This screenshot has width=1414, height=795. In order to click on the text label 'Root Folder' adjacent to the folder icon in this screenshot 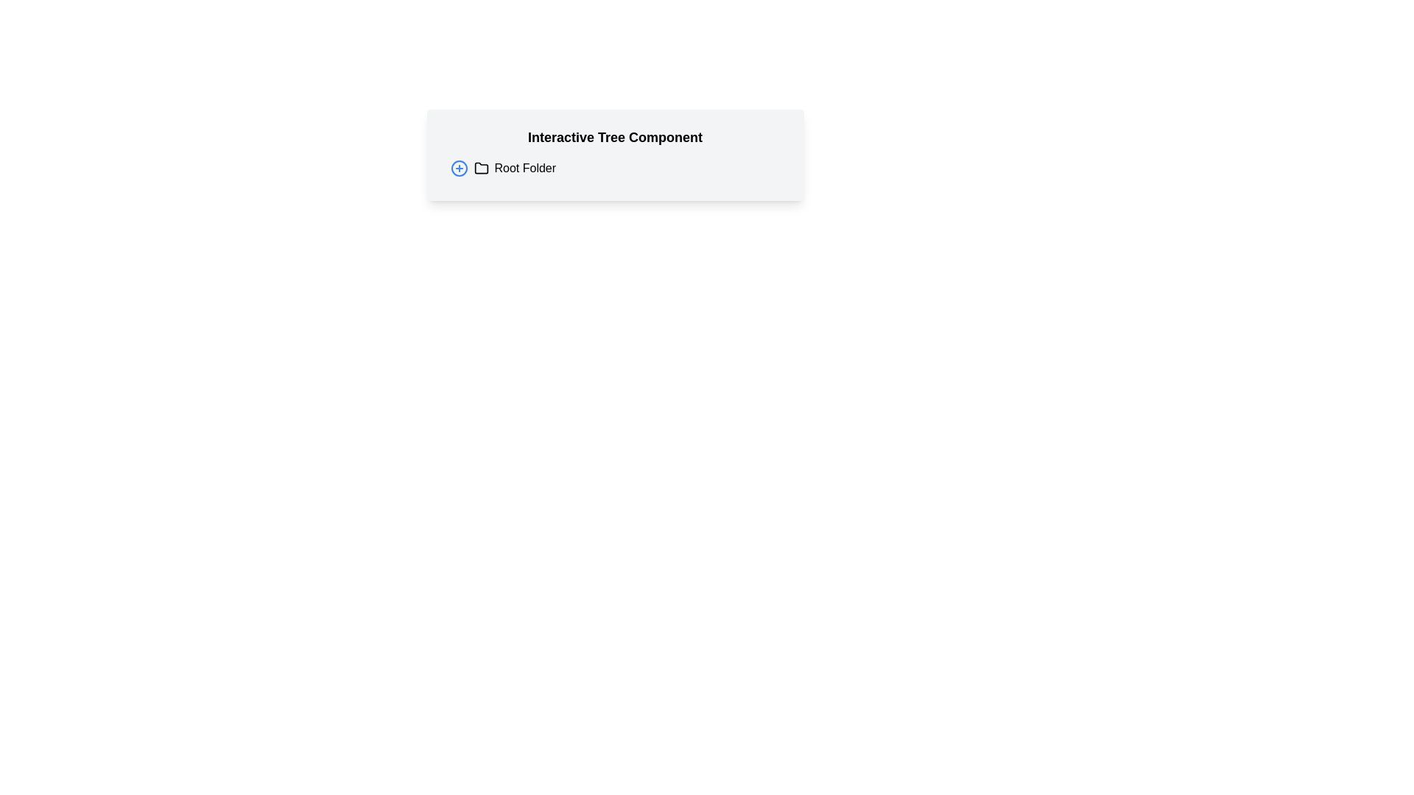, I will do `click(515, 167)`.